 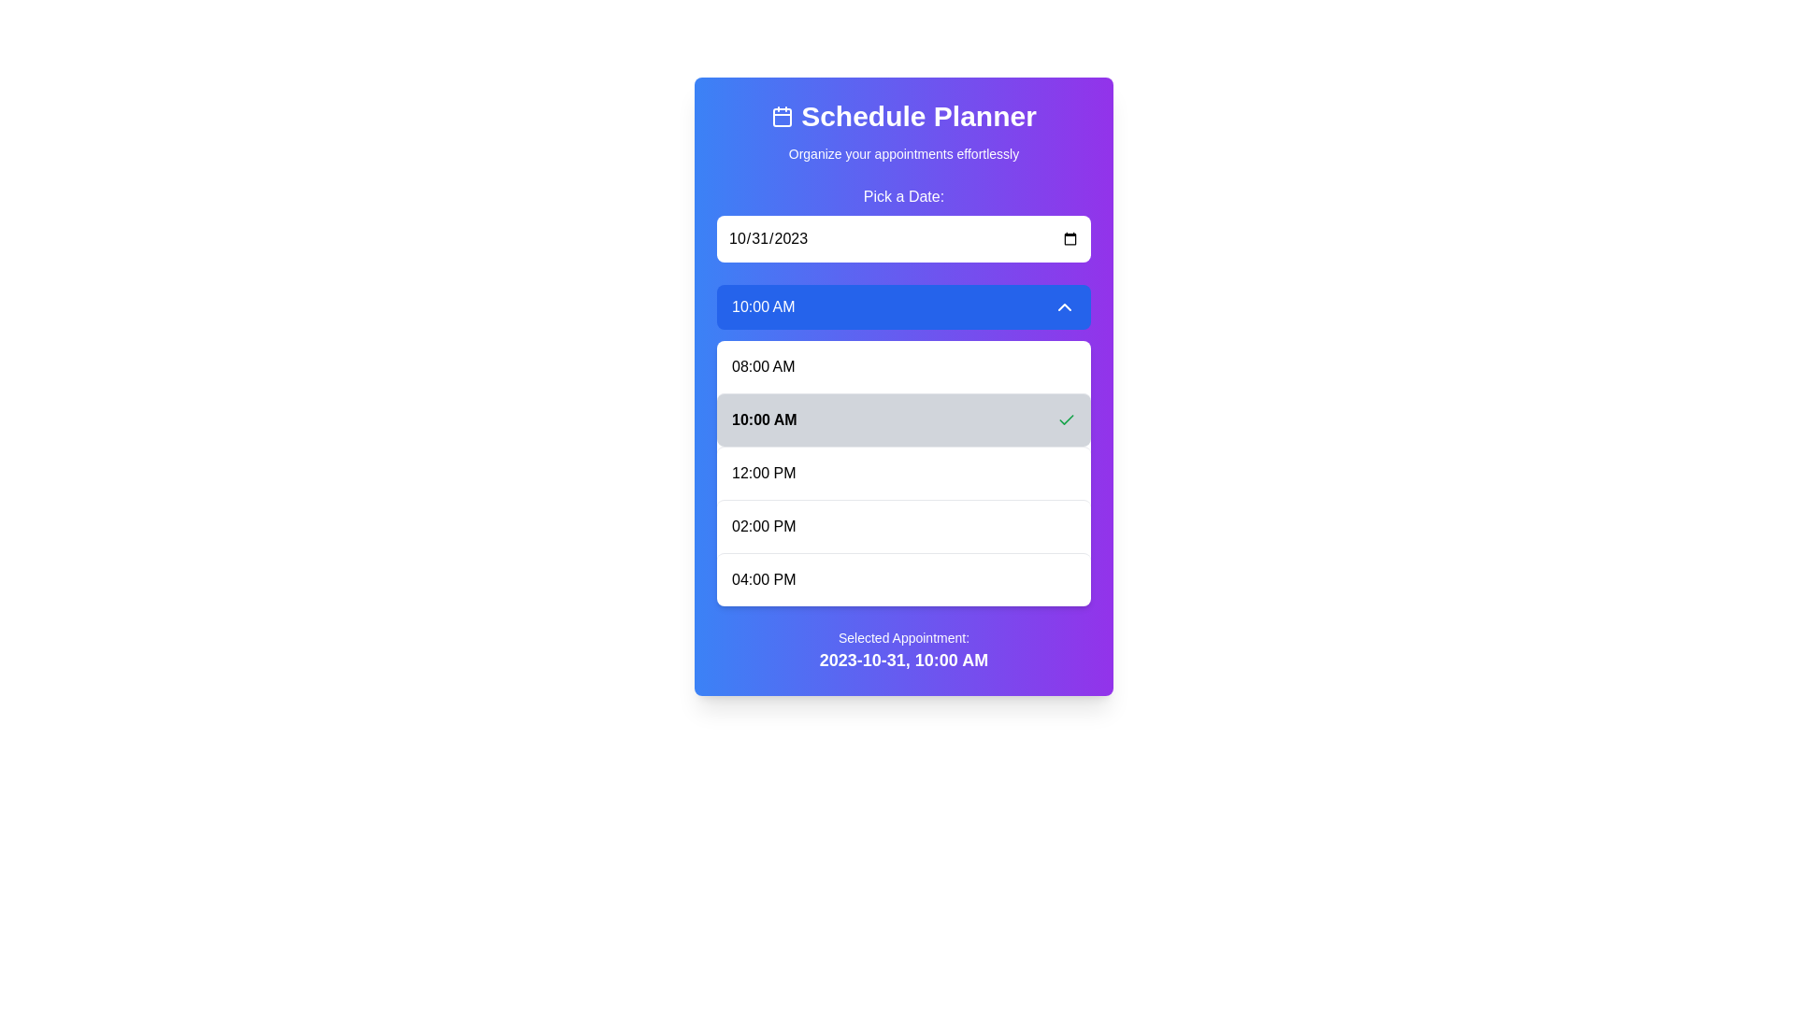 I want to click on the selectable list item for '12:00 PM' in the dropdown menu to choose this time slot, so click(x=903, y=472).